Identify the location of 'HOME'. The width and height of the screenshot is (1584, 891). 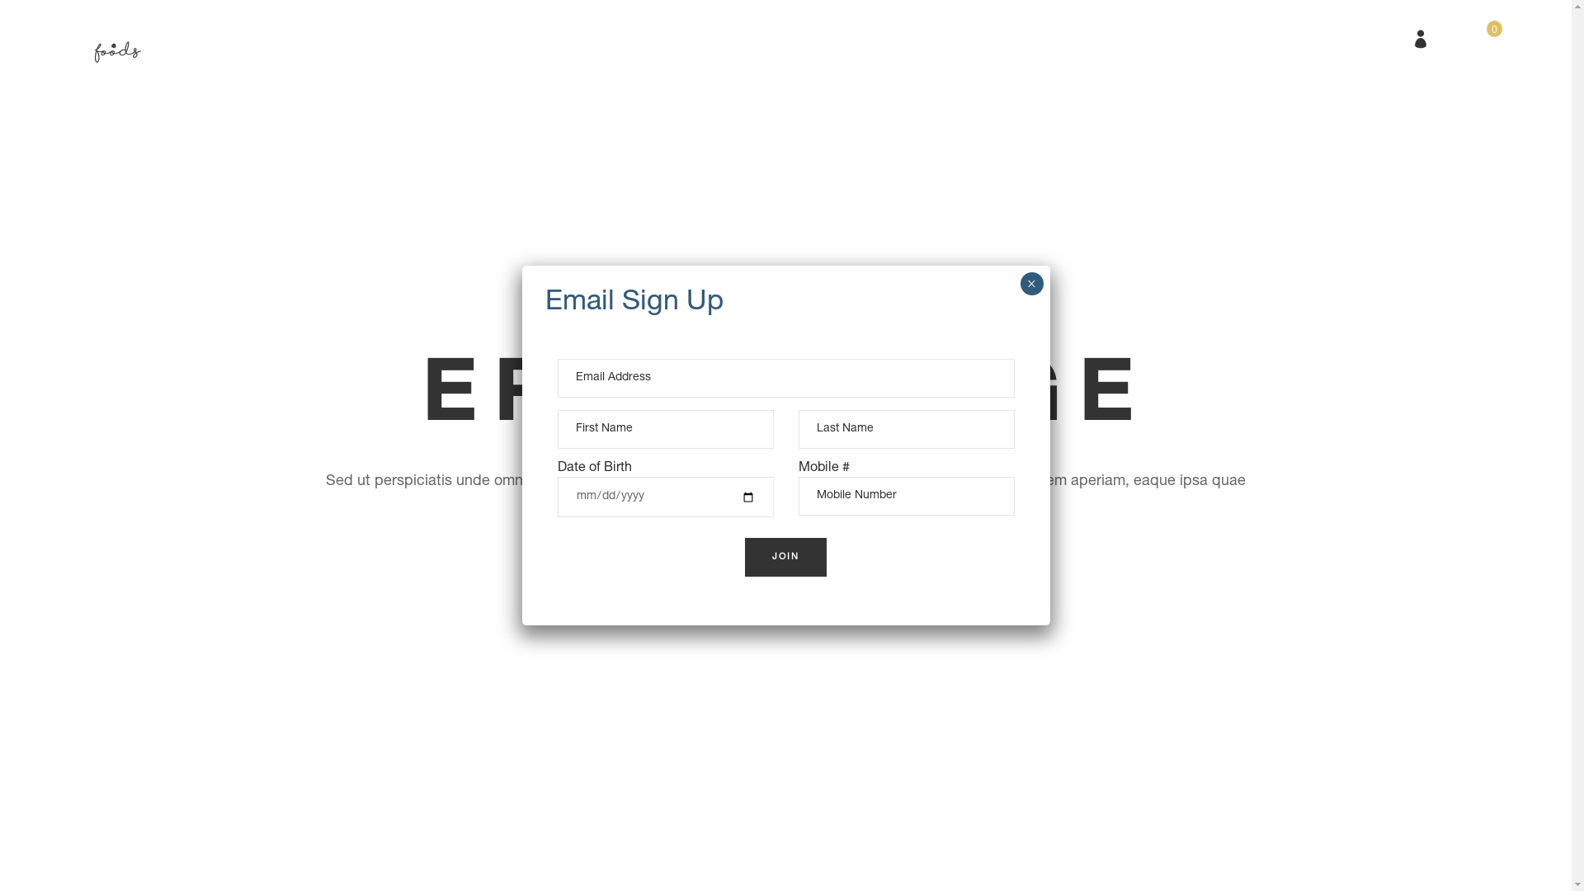
(481, 37).